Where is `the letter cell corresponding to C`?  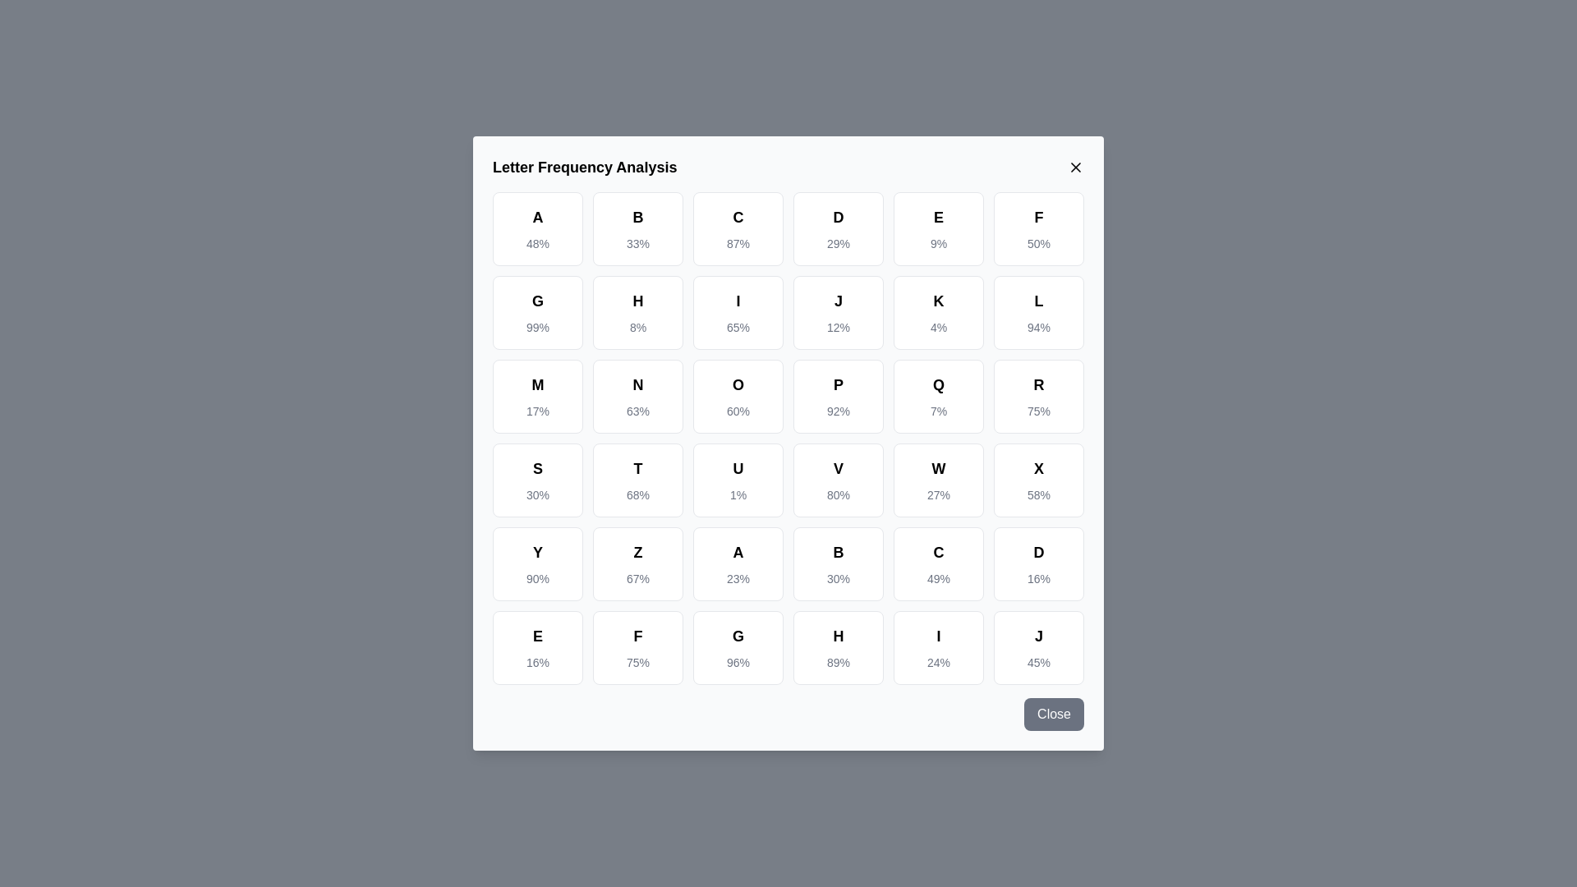
the letter cell corresponding to C is located at coordinates (737, 228).